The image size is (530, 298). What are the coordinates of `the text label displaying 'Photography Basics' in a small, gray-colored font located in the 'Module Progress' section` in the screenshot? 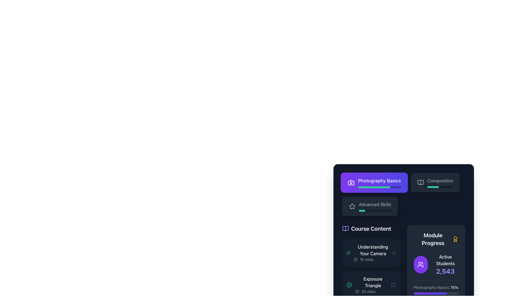 It's located at (431, 287).